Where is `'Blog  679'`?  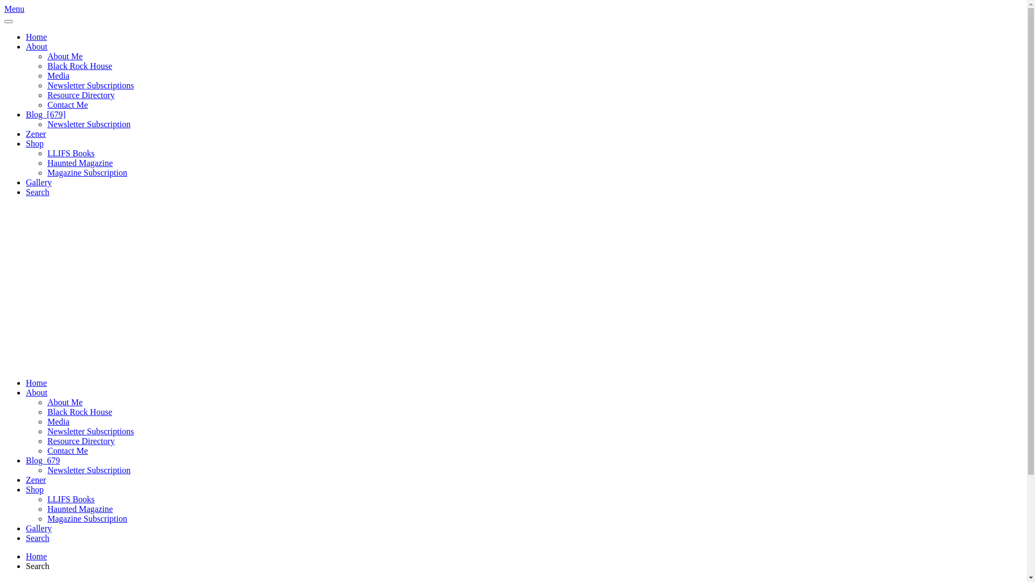 'Blog  679' is located at coordinates (43, 460).